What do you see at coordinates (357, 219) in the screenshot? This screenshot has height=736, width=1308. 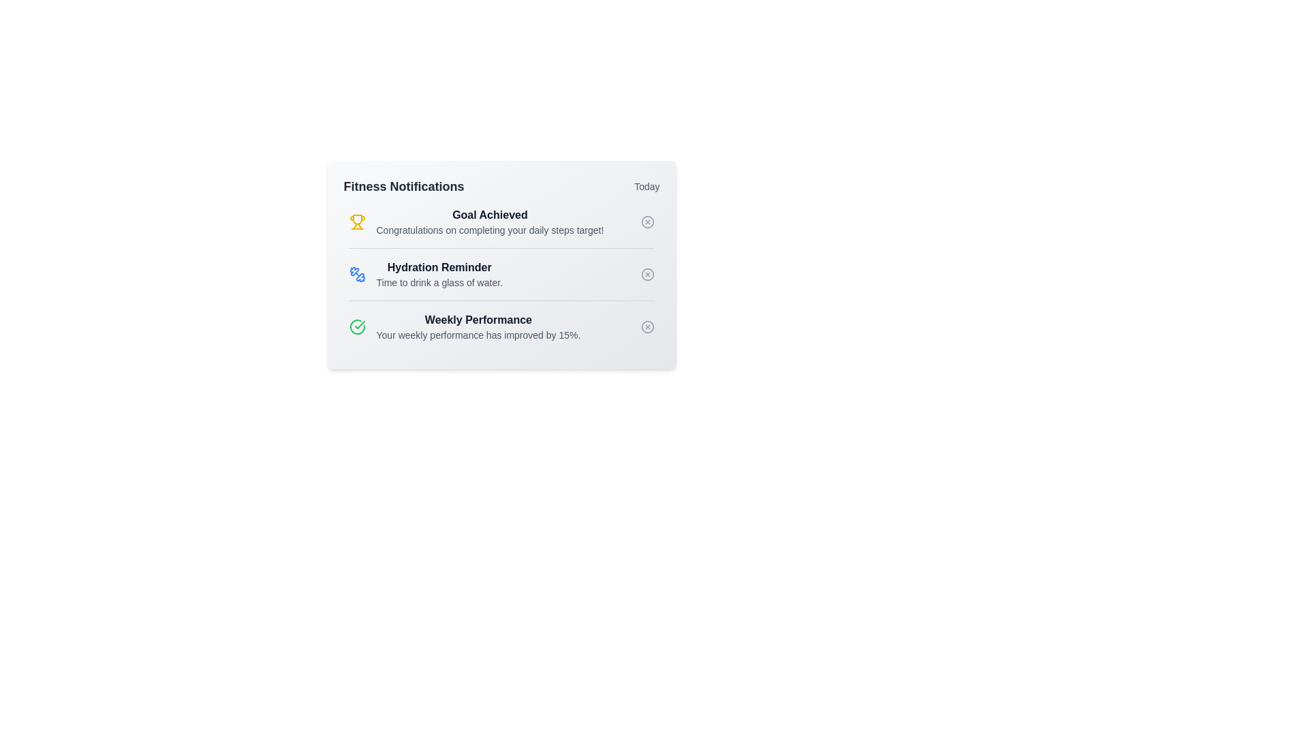 I see `the trophy icon in the 'Fitness Notifications' list, which is bright yellow and precedes the text 'Congratulations on completing your daily steps target!'` at bounding box center [357, 219].